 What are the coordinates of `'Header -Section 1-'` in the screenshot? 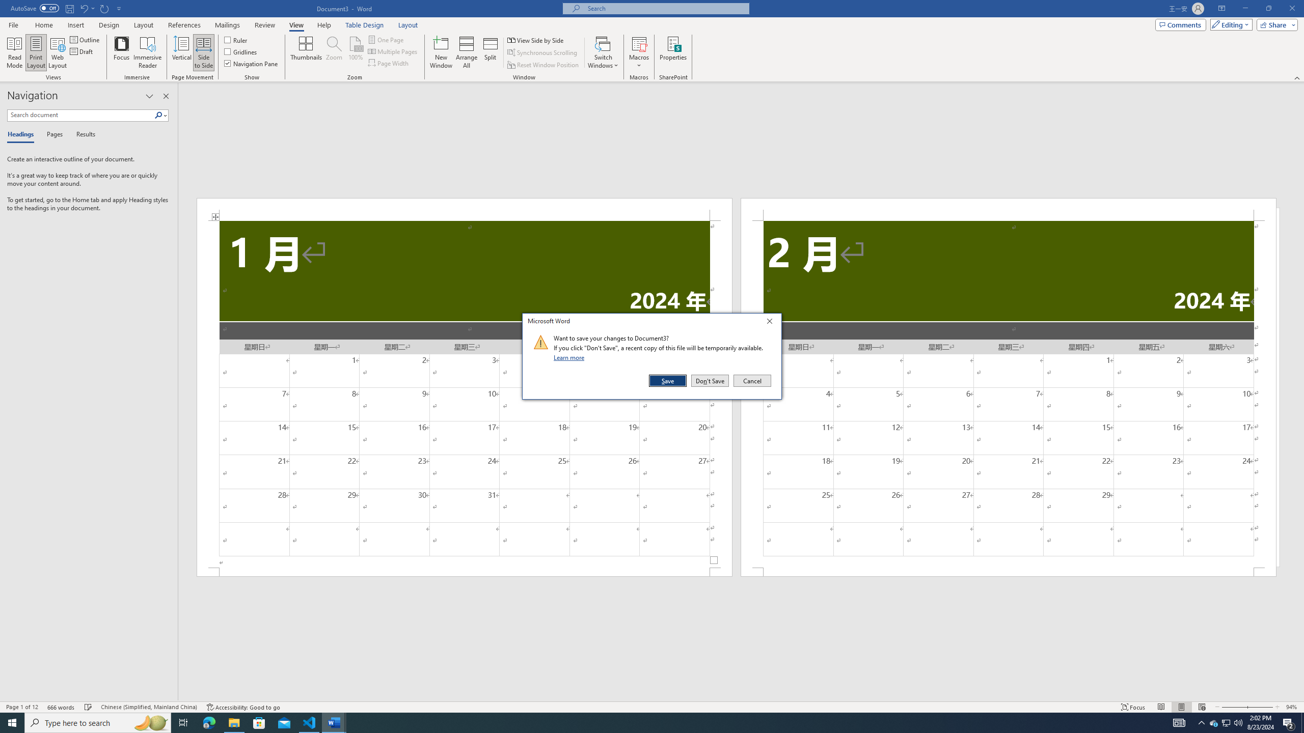 It's located at (465, 209).